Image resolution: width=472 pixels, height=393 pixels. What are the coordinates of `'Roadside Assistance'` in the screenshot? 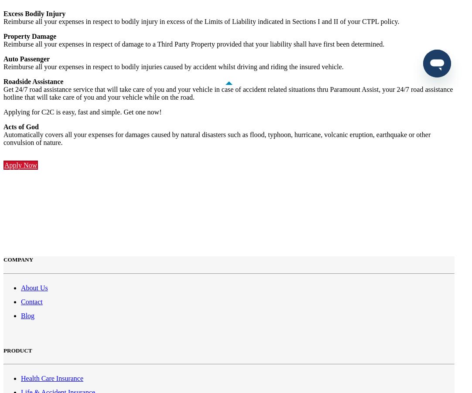 It's located at (33, 81).